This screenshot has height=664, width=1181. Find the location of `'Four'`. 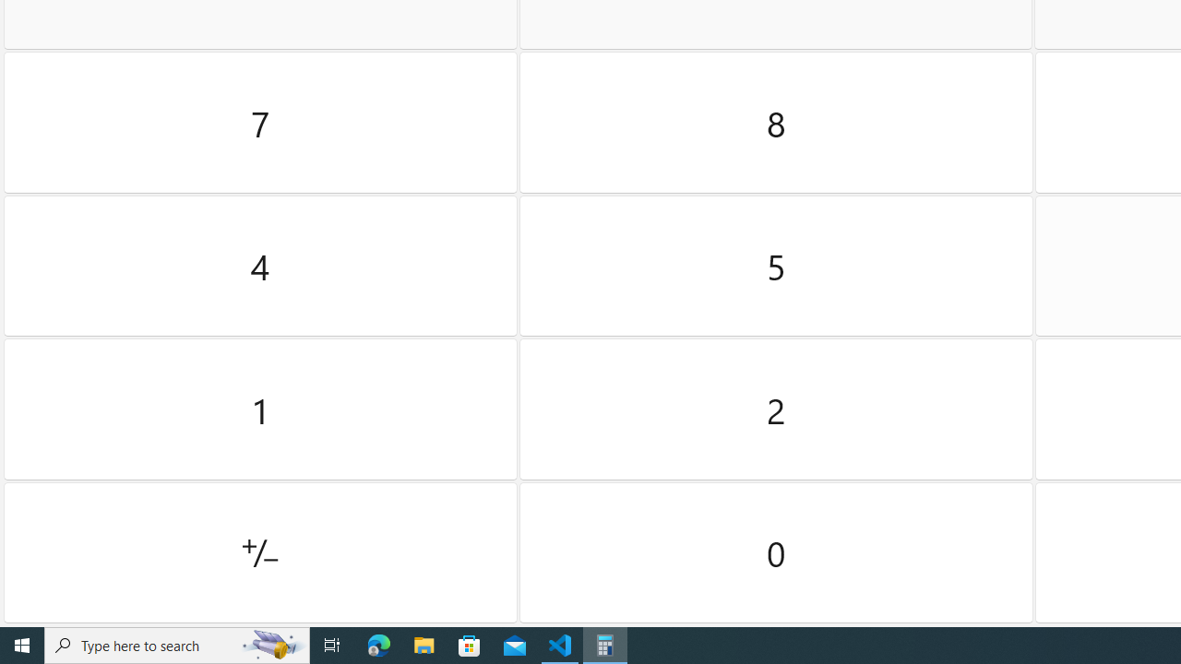

'Four' is located at coordinates (259, 266).